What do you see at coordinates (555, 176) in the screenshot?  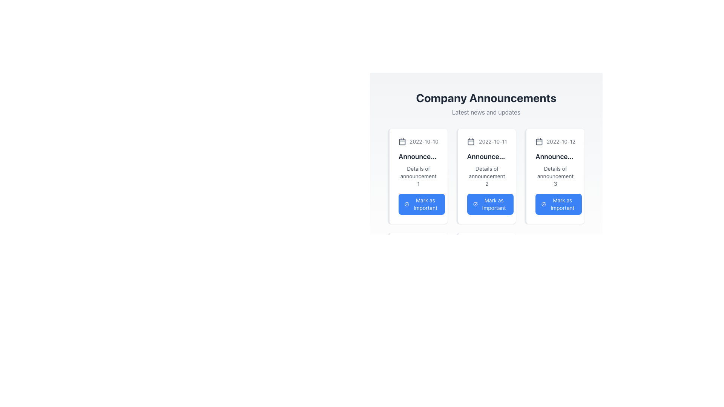 I see `informational Text label related to 'Announcement 3', which is the third content label among the announcement cards for the date '2022-10-12'` at bounding box center [555, 176].